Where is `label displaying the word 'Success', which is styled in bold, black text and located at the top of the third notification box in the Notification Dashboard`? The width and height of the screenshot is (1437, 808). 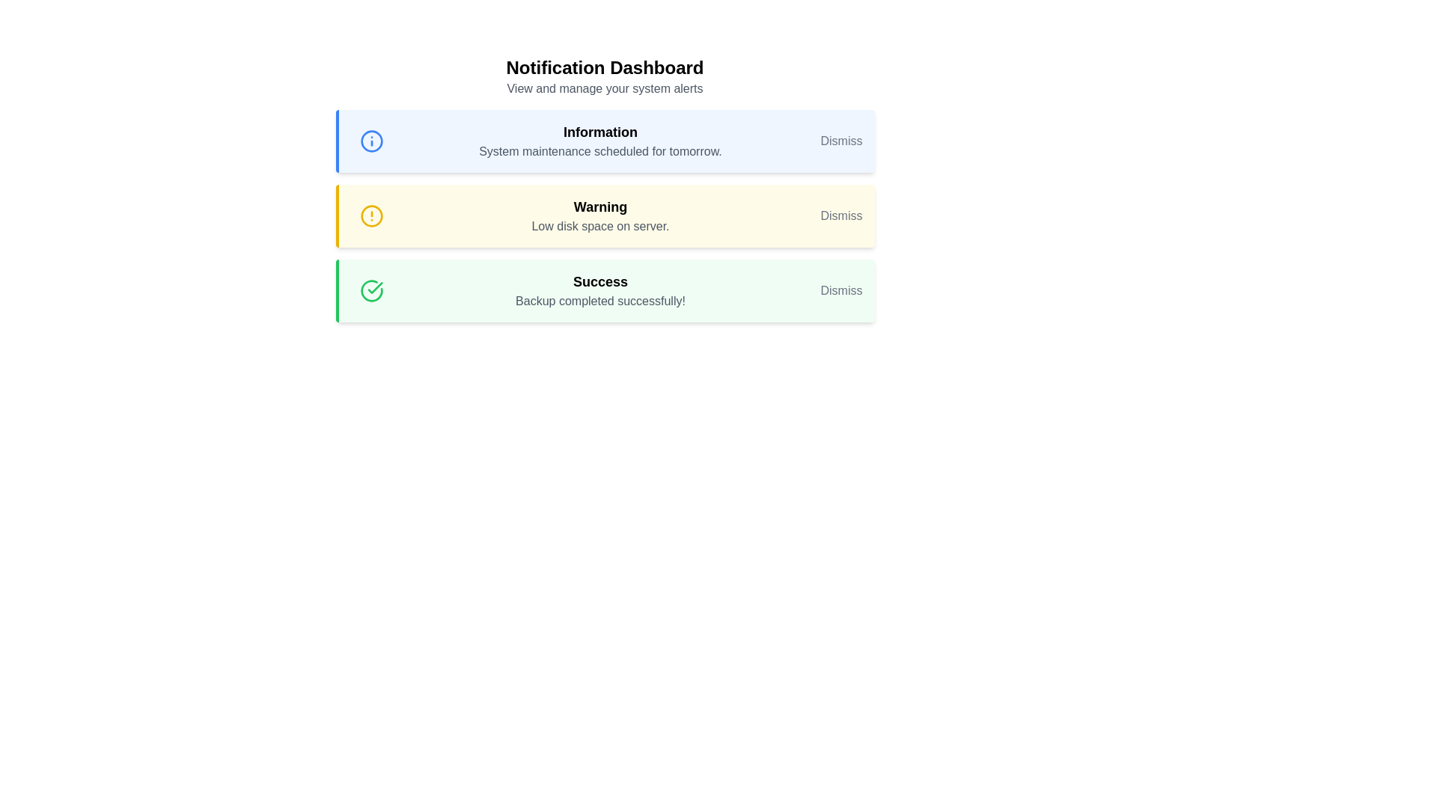
label displaying the word 'Success', which is styled in bold, black text and located at the top of the third notification box in the Notification Dashboard is located at coordinates (600, 282).